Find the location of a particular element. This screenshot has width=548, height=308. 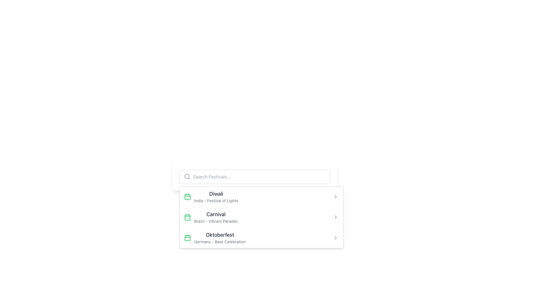

the right-pointing chevron SVG icon located next to the 'Oktoberfest Germany - Beer Celebration' text is located at coordinates (335, 238).